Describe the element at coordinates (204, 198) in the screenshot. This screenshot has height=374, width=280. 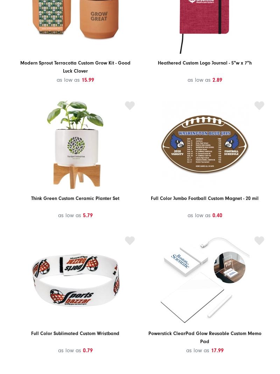
I see `'Full Color Jumbo Football Custom Magnet - 20 mil'` at that location.